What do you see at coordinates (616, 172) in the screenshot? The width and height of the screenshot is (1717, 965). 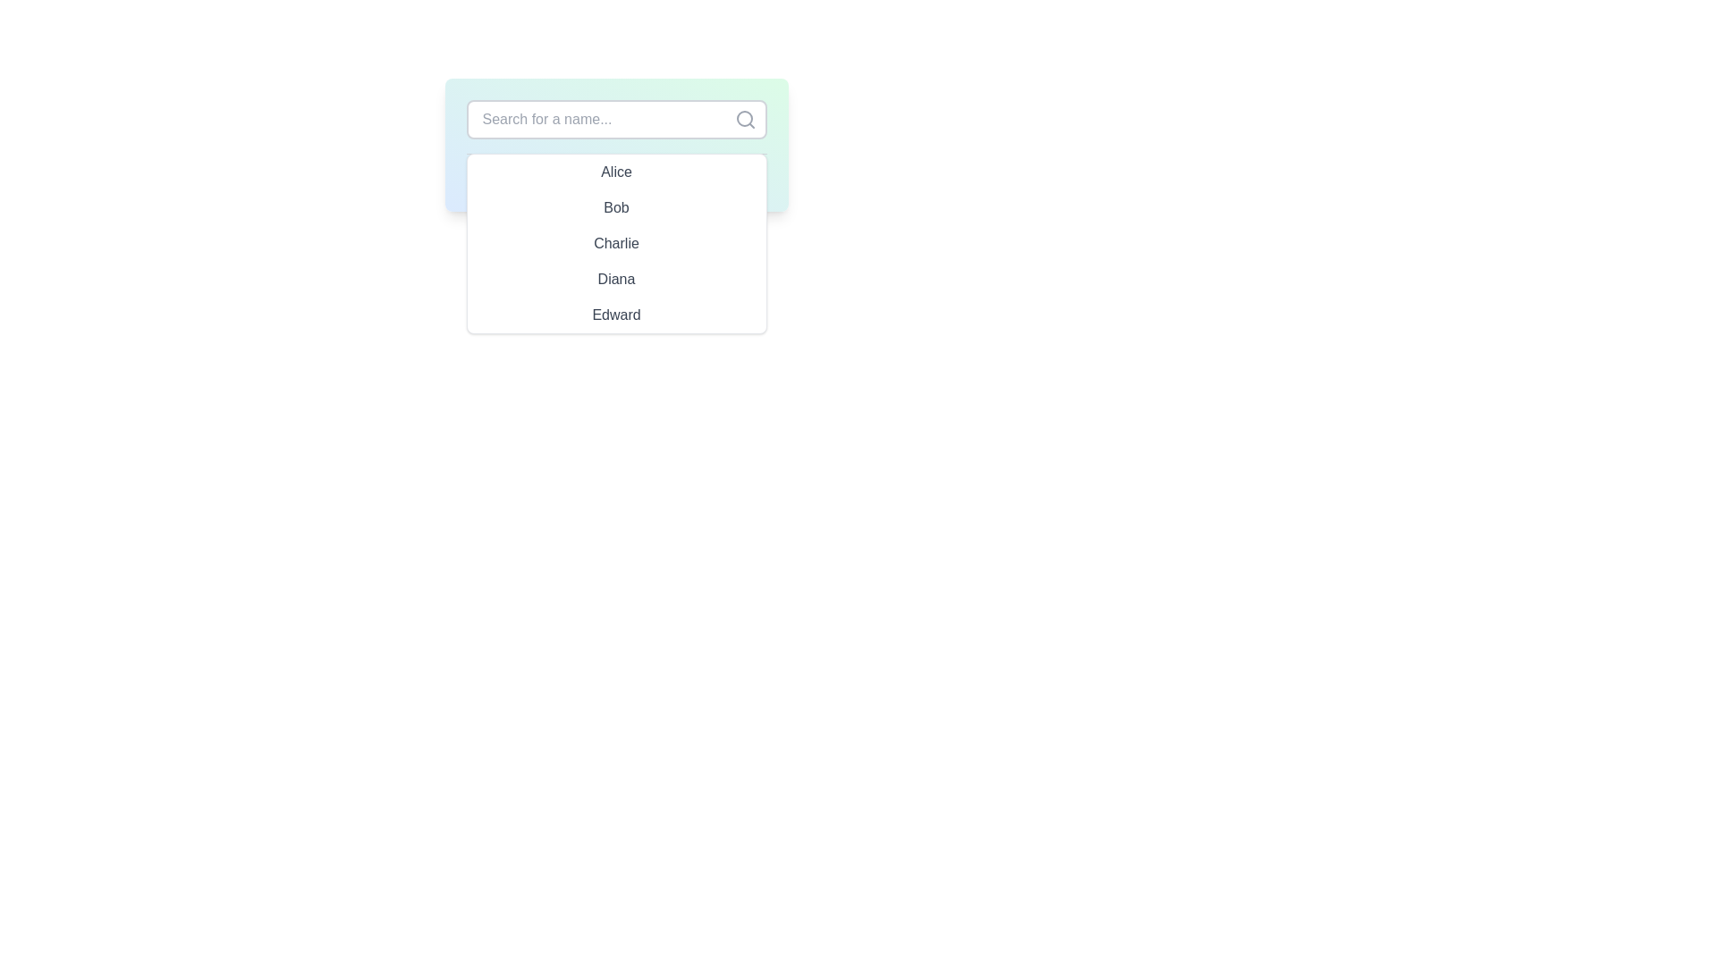 I see `the menu item labeled 'Alice' in dark gray within the drop-down menu` at bounding box center [616, 172].